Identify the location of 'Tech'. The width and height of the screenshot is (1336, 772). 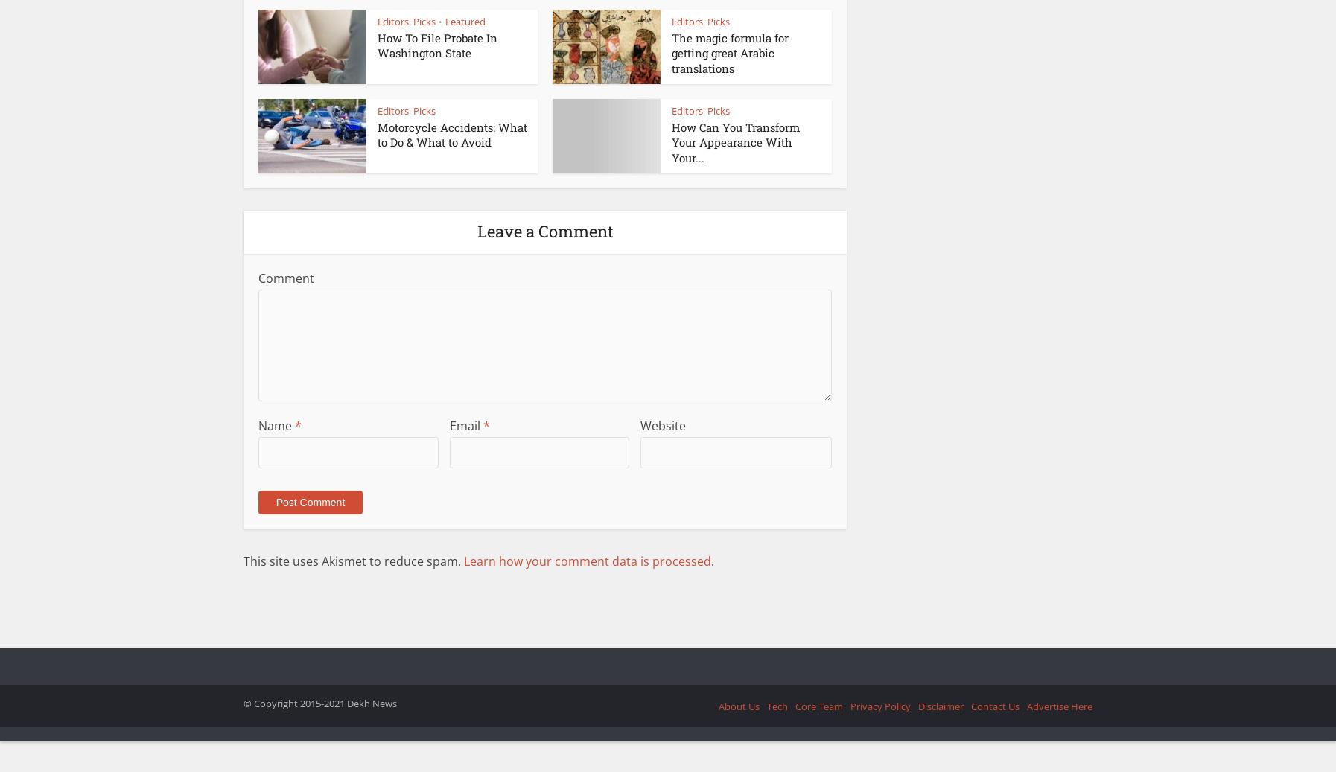
(776, 706).